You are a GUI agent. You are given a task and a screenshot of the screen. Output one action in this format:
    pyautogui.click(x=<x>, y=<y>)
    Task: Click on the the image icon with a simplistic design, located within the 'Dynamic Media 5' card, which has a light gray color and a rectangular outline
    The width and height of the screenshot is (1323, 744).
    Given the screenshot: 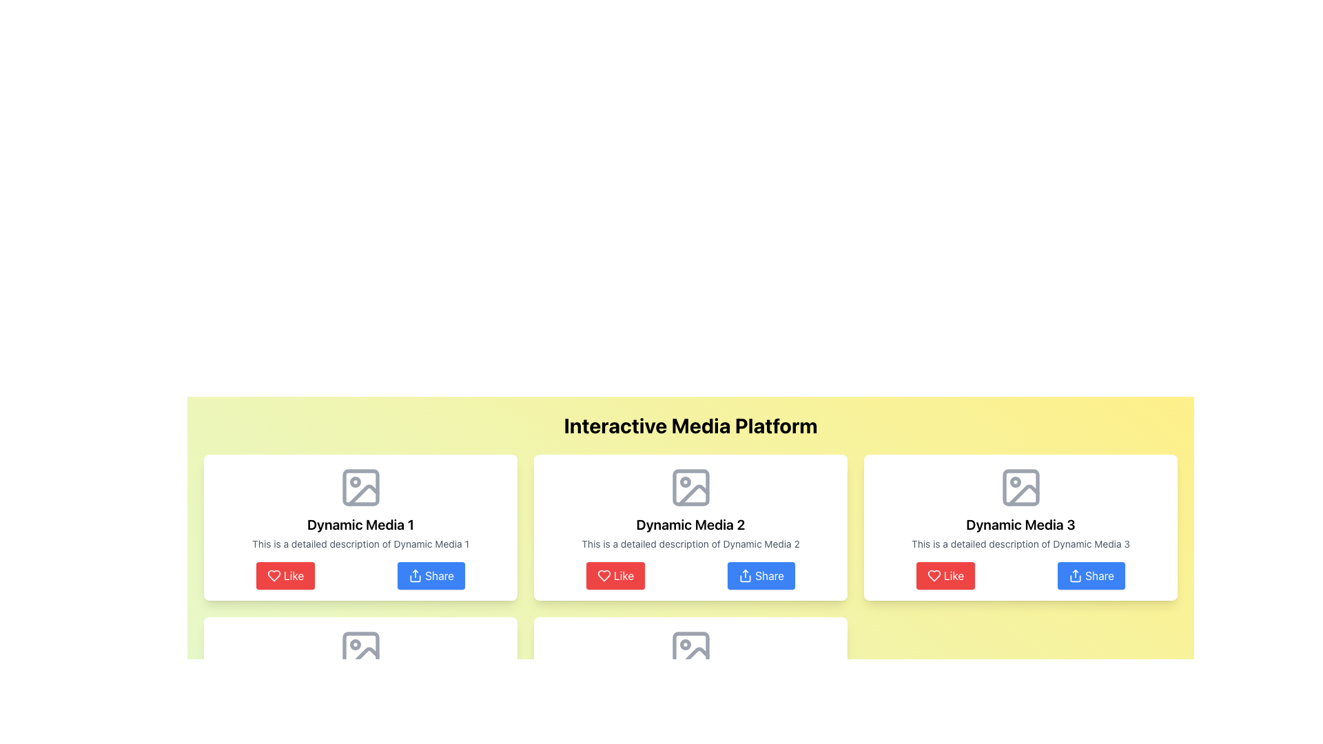 What is the action you would take?
    pyautogui.click(x=690, y=650)
    